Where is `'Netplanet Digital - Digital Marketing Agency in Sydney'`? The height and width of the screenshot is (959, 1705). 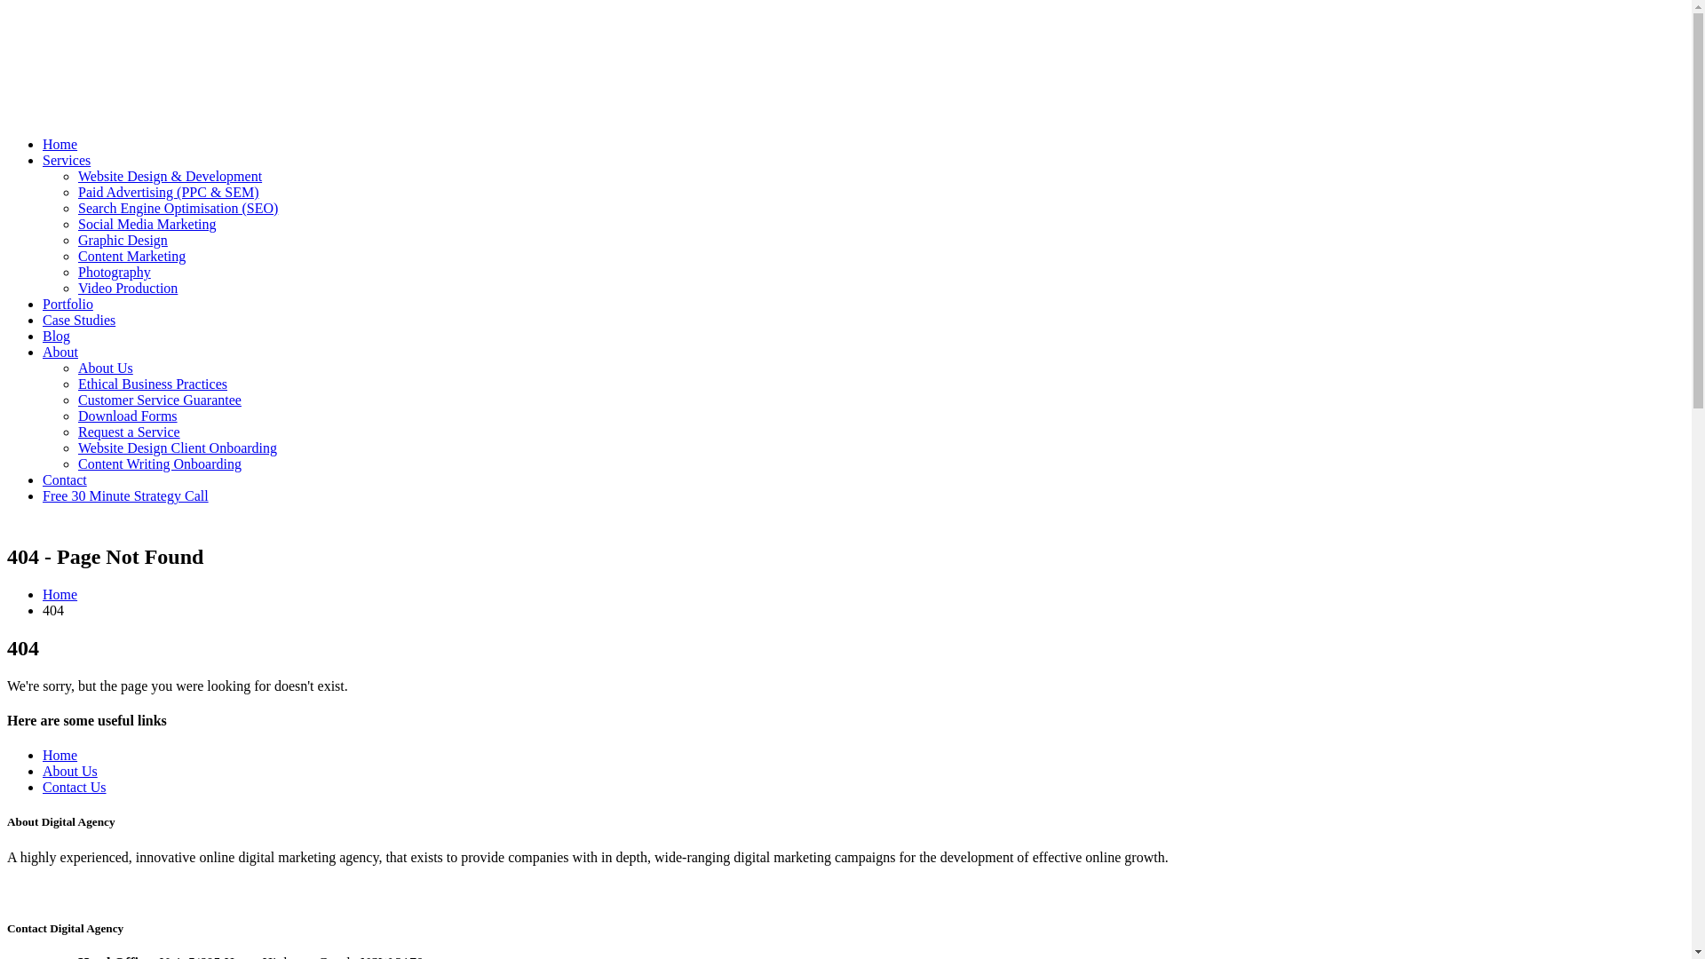
'Netplanet Digital - Digital Marketing Agency in Sydney' is located at coordinates (59, 96).